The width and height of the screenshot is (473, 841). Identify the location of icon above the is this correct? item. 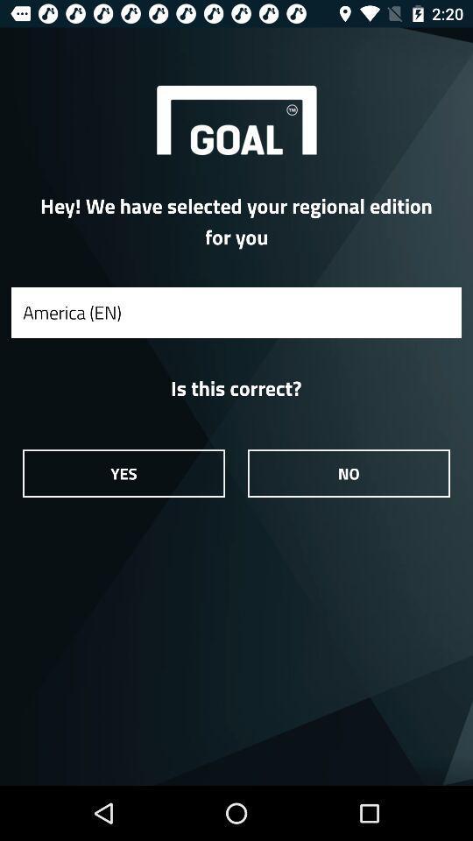
(236, 312).